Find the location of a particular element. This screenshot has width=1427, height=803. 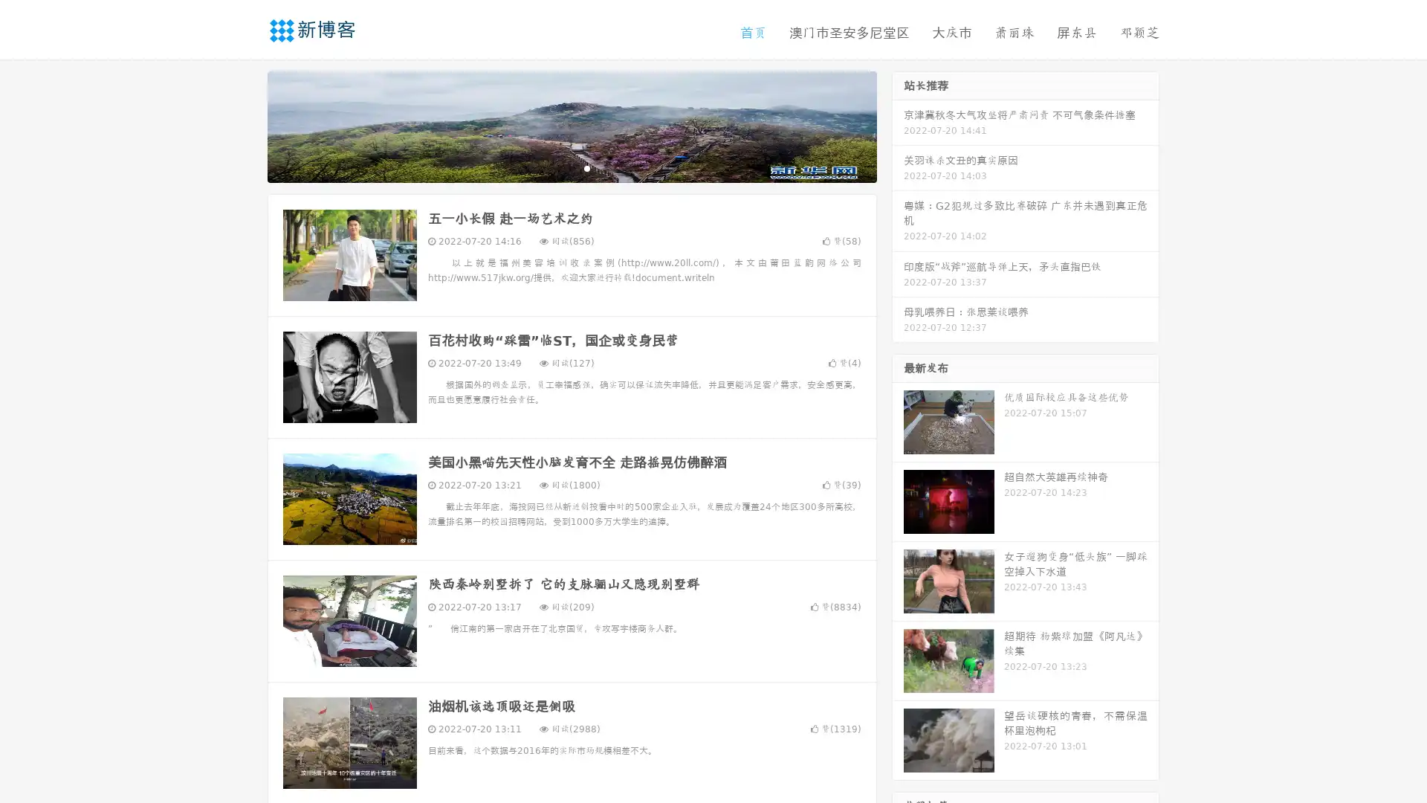

Next slide is located at coordinates (898, 125).